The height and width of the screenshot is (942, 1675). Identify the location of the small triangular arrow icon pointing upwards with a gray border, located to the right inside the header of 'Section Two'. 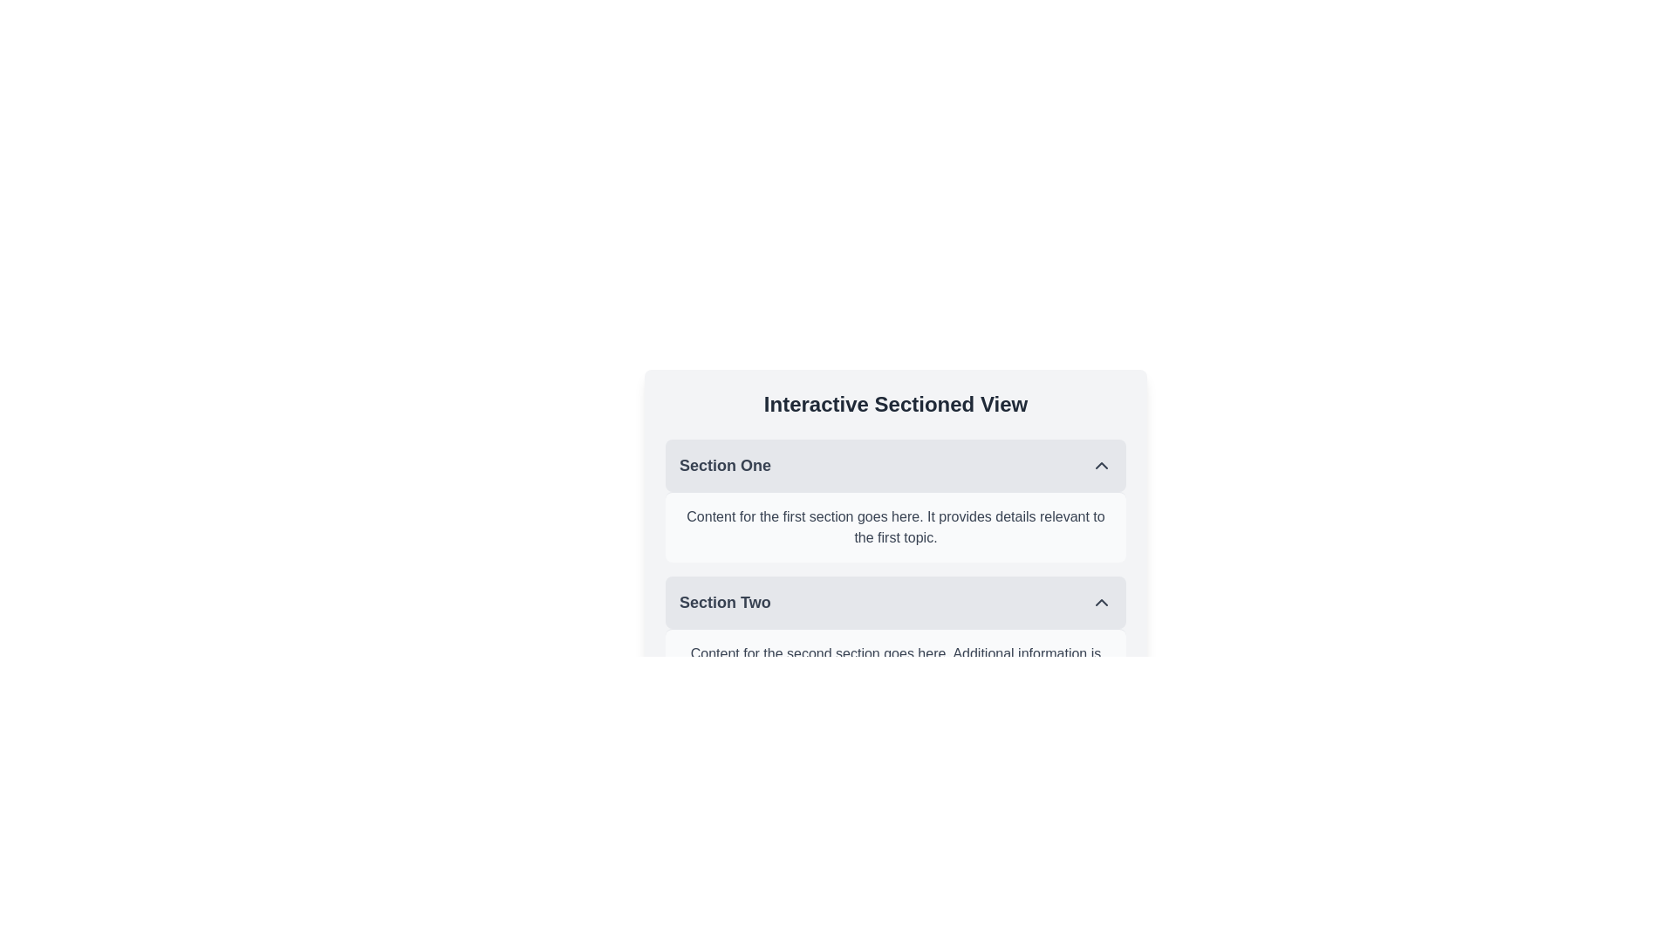
(1100, 601).